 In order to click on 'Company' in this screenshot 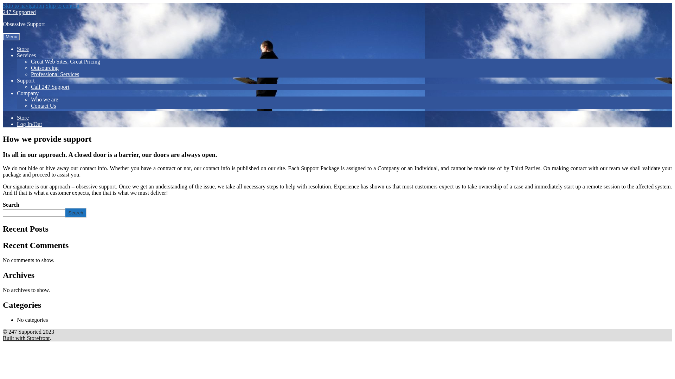, I will do `click(27, 93)`.